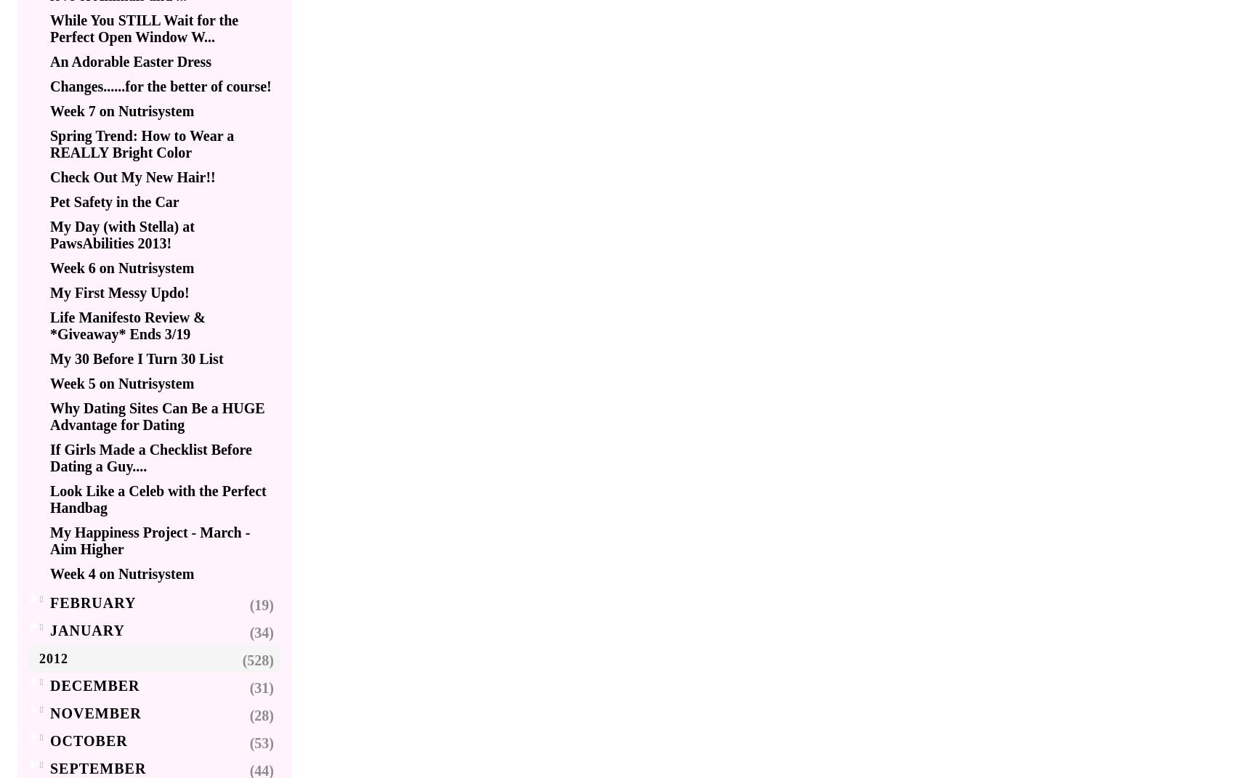  I want to click on 'Look Like a Celeb with the Perfect Handbag', so click(158, 498).